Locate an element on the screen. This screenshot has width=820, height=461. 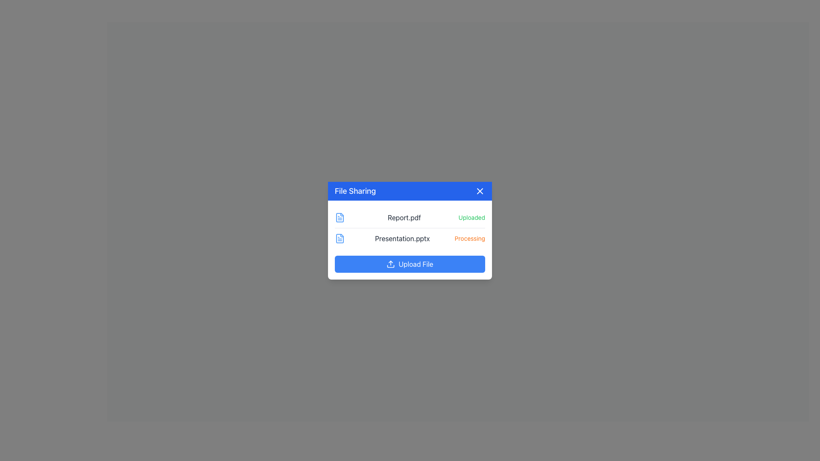
the 'Upload File' button, which is a horizontally centered button with a blue background and white text and icon, located at the bottom of a modal window is located at coordinates (410, 263).